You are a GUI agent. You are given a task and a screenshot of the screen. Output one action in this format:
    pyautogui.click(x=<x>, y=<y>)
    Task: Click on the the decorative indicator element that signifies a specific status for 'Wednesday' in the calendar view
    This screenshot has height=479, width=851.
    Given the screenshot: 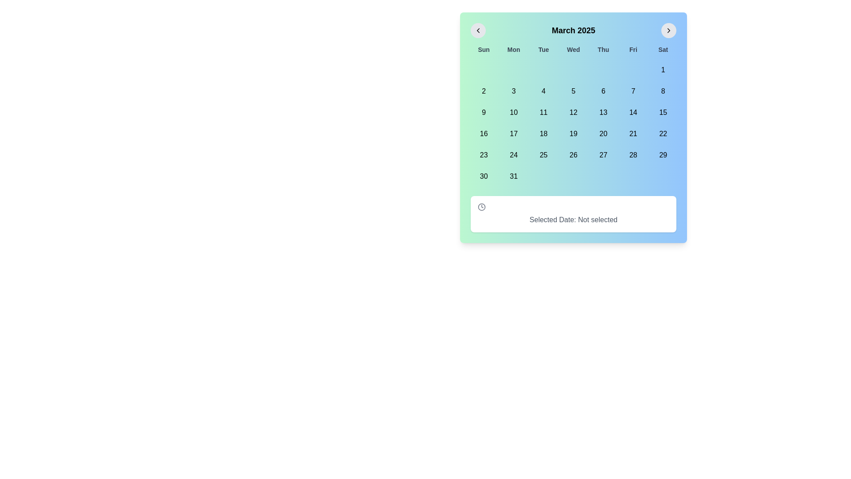 What is the action you would take?
    pyautogui.click(x=574, y=70)
    